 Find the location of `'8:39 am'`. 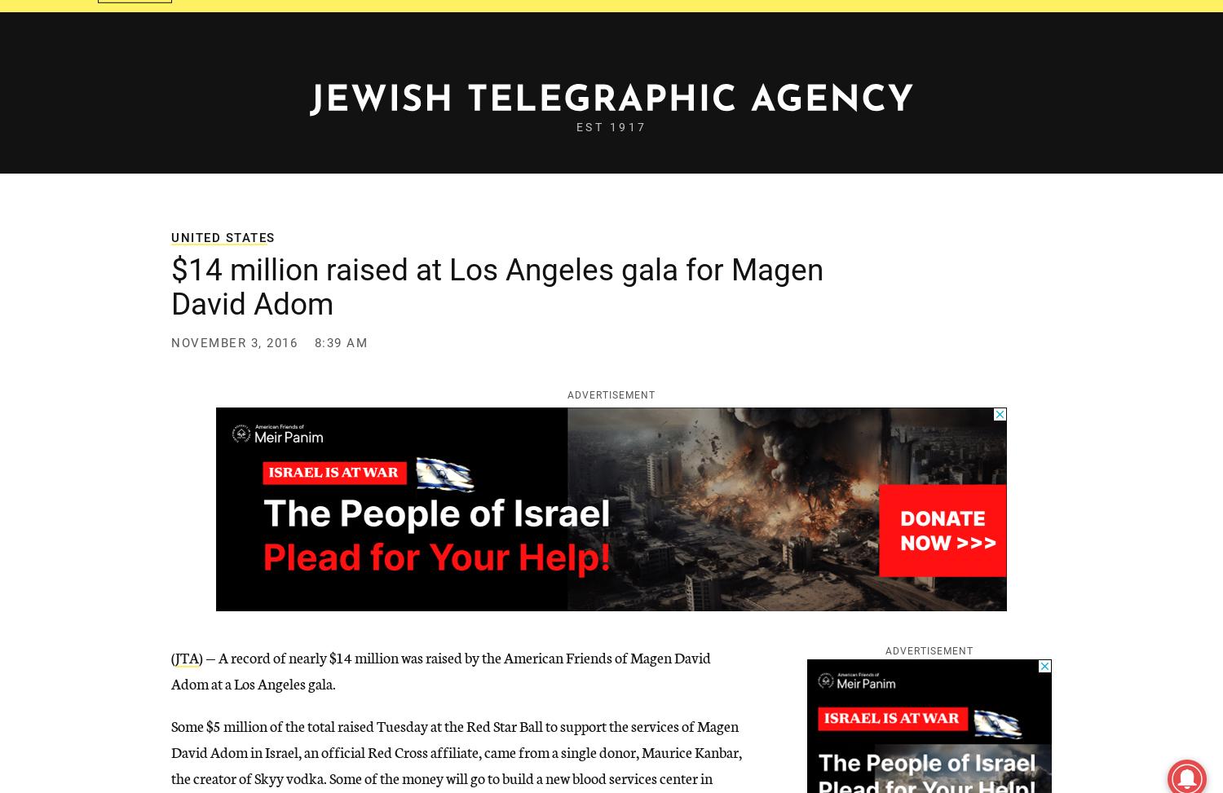

'8:39 am' is located at coordinates (341, 342).